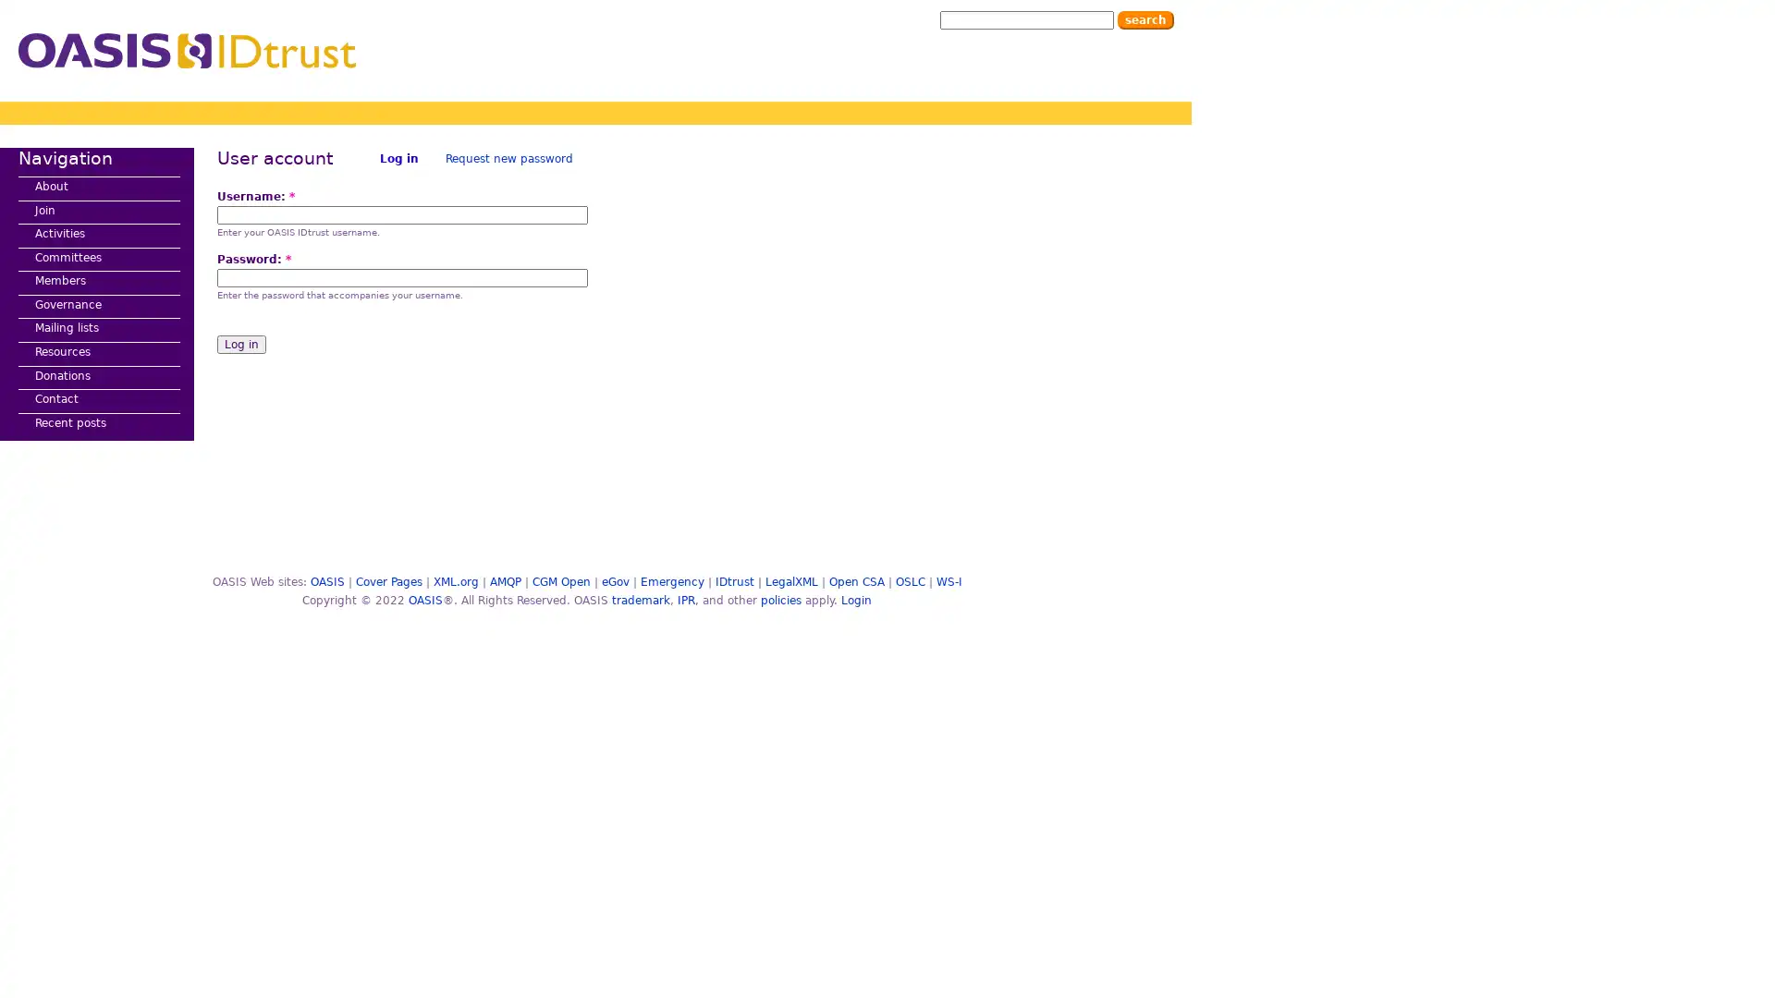 The width and height of the screenshot is (1775, 998). What do you see at coordinates (1145, 20) in the screenshot?
I see `Search` at bounding box center [1145, 20].